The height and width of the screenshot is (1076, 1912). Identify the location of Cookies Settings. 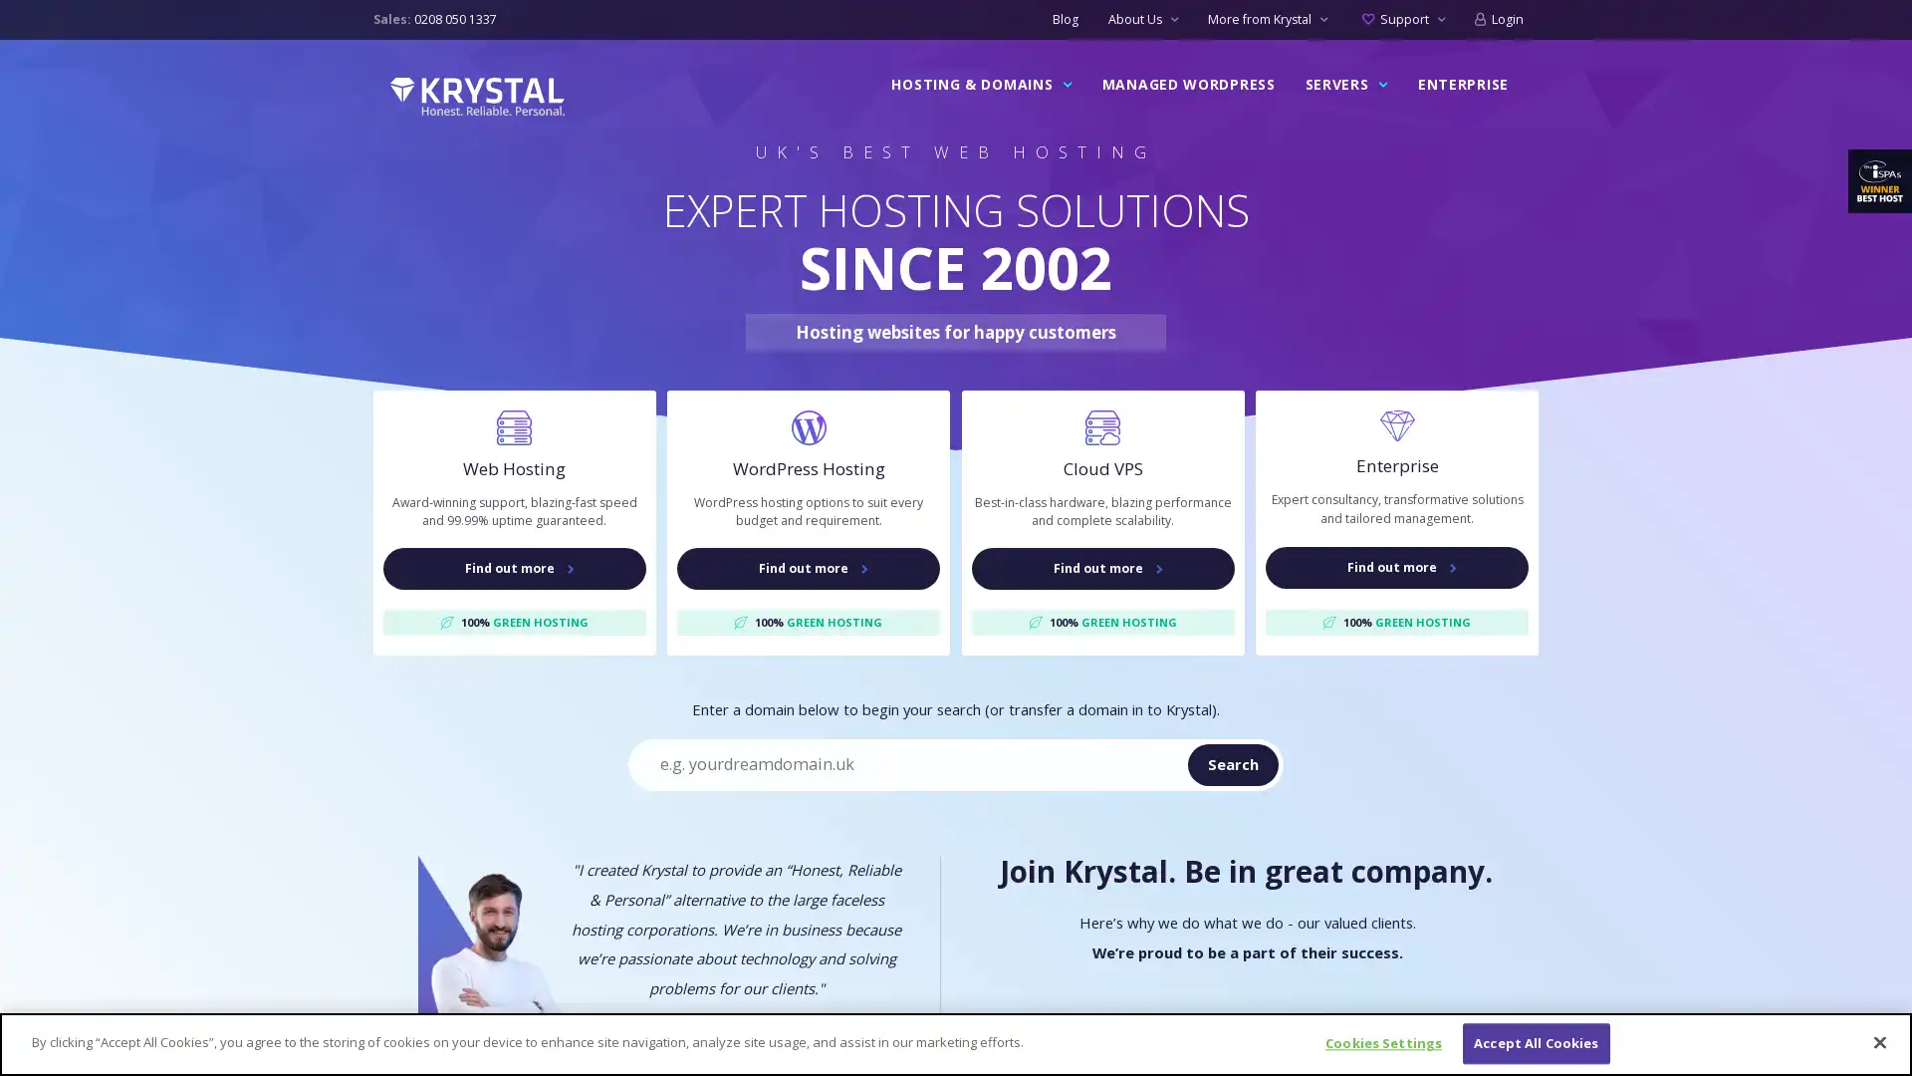
(1382, 1042).